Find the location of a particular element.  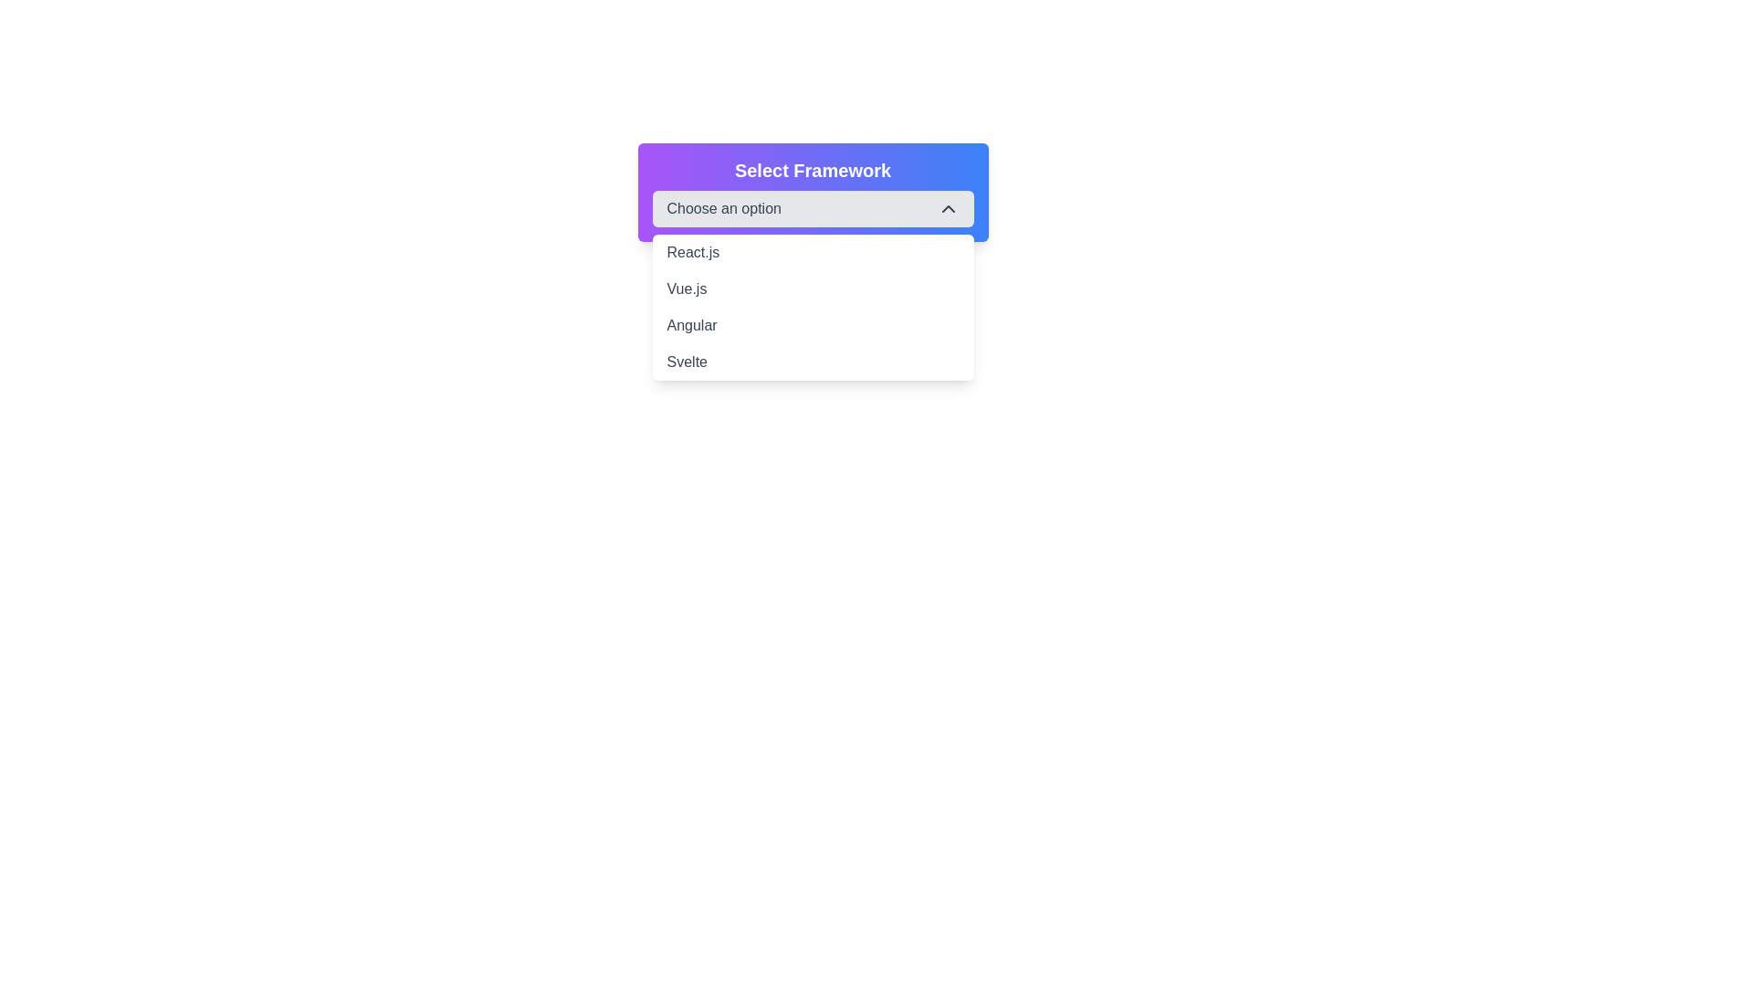

the dropdown menu labeled 'Choose an option' with a light gray background, located below the 'Select Framework' title is located at coordinates (812, 207).